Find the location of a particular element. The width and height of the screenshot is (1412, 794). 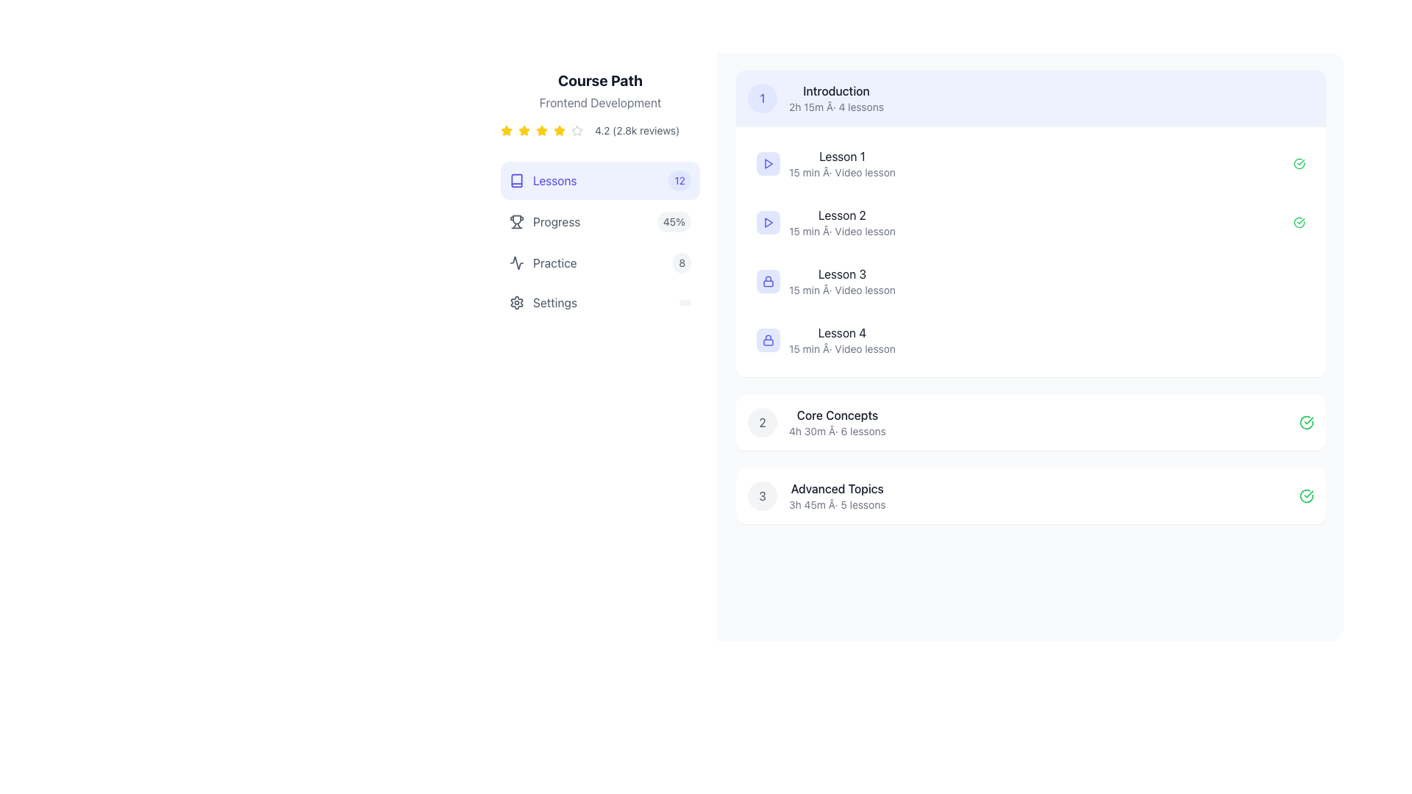

the 'Lesson 3' list item, which features a lock icon in a lavender circular background and displays the title 'Lesson 3' in bold black characters and its description '15 min · Video lesson' below it is located at coordinates (826, 281).